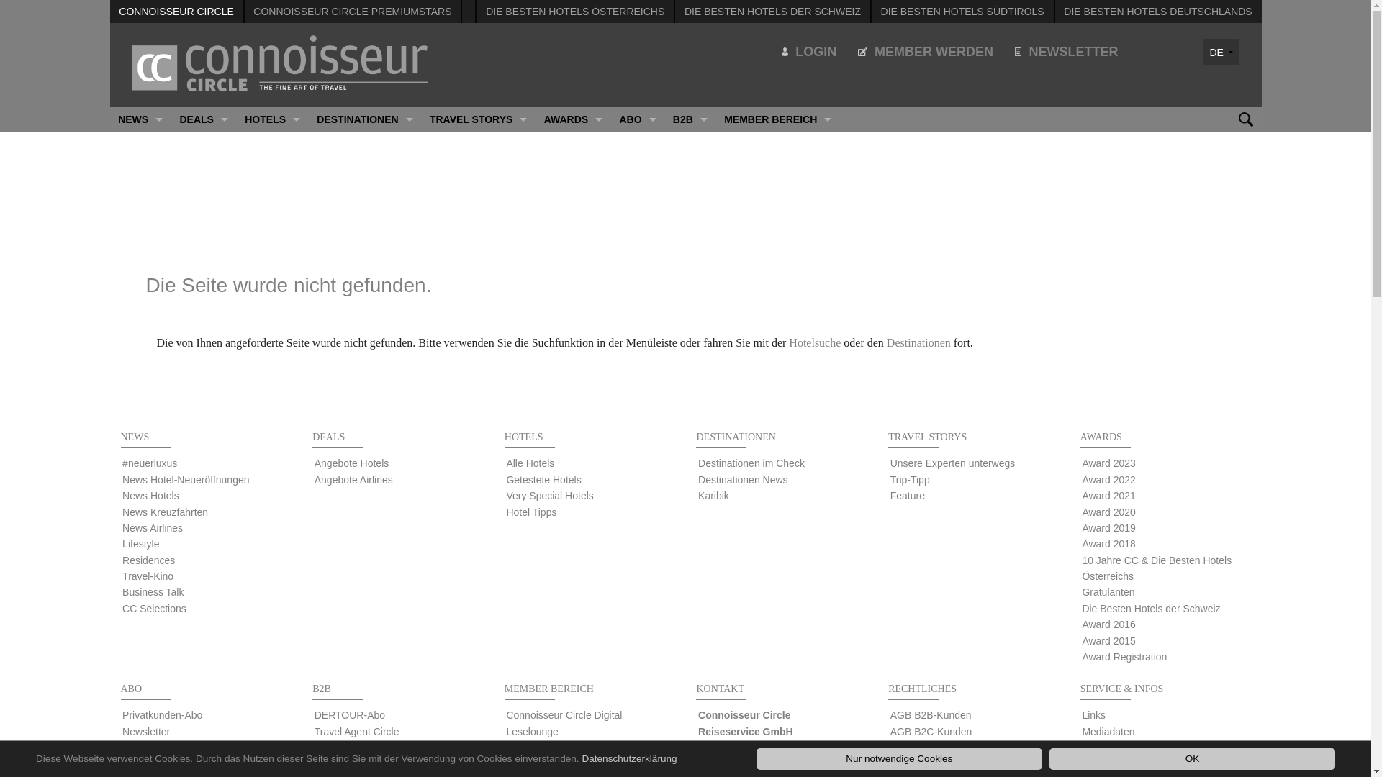 This screenshot has height=777, width=1382. What do you see at coordinates (1081, 495) in the screenshot?
I see `'Award 2021'` at bounding box center [1081, 495].